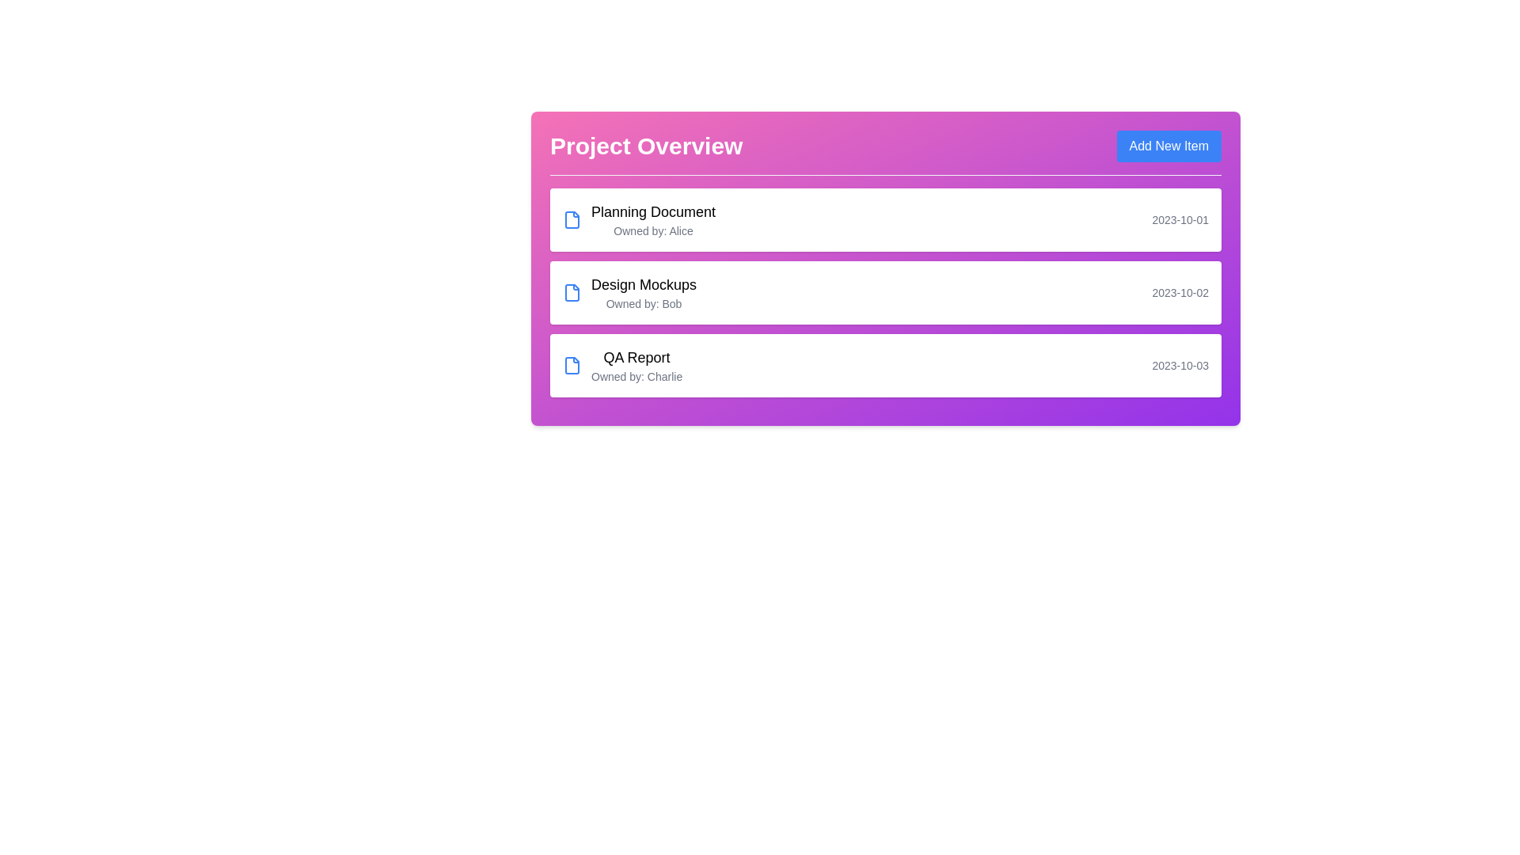 Image resolution: width=1520 pixels, height=855 pixels. What do you see at coordinates (1180, 366) in the screenshot?
I see `the text label indicating the date for the 'QA Report' located in the bottom-right corner of the card, aligned with 'Owned by: Charlie.'` at bounding box center [1180, 366].